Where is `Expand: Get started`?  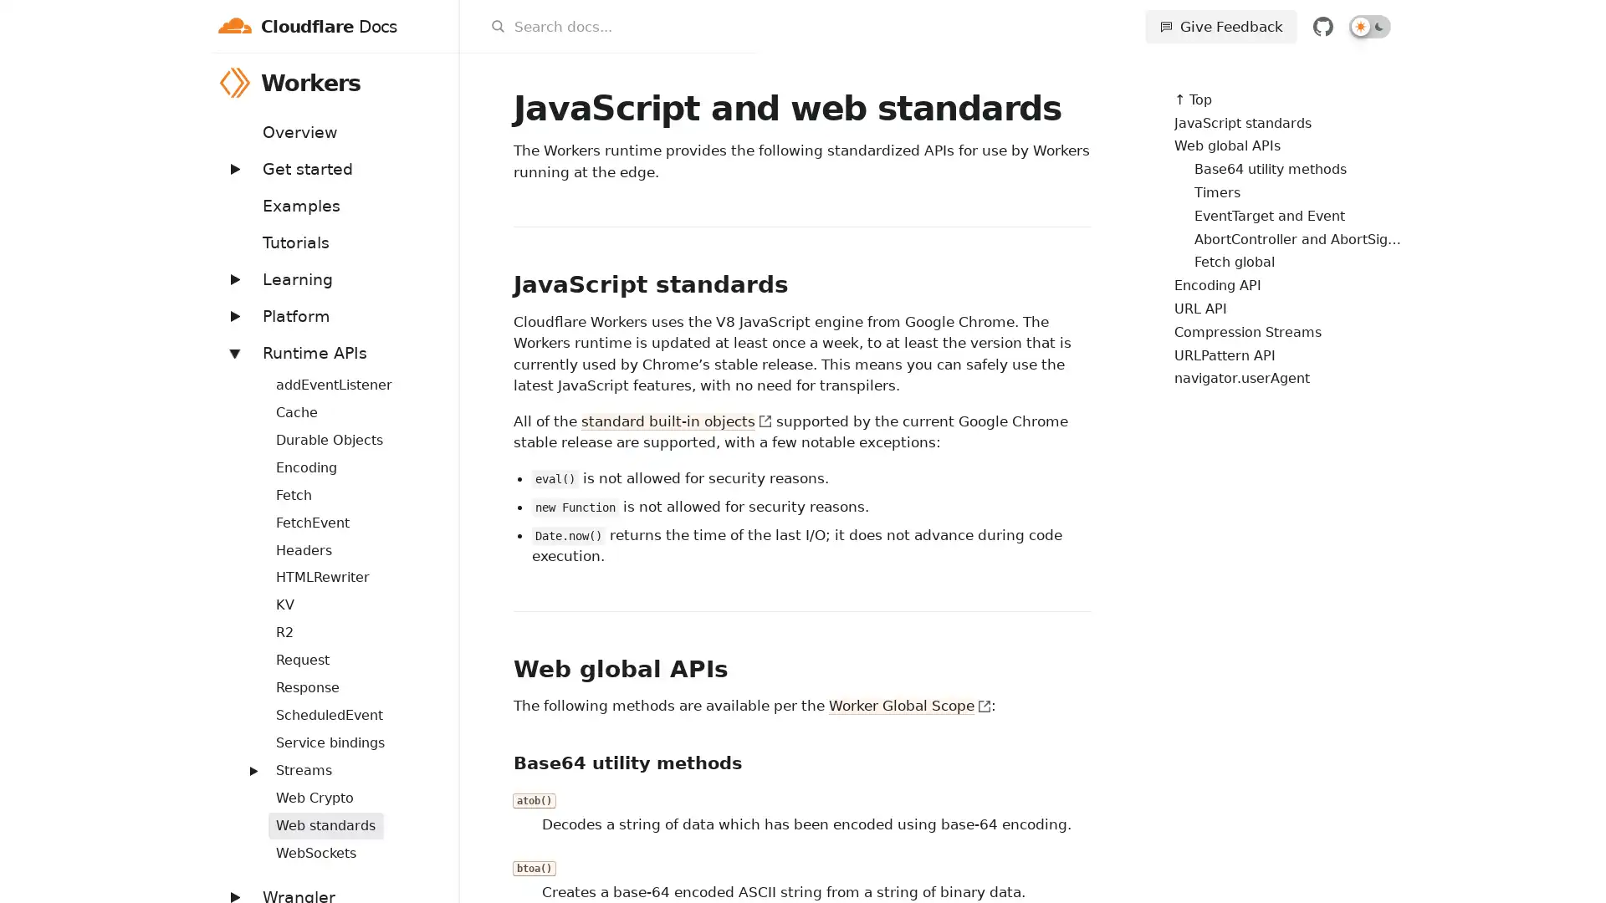 Expand: Get started is located at coordinates (233, 168).